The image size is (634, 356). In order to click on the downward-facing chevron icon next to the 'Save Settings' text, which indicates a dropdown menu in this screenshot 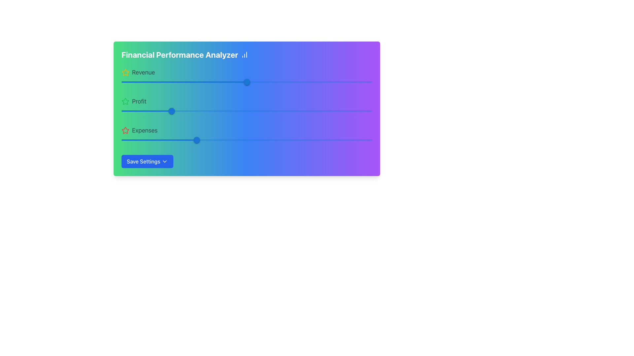, I will do `click(165, 161)`.